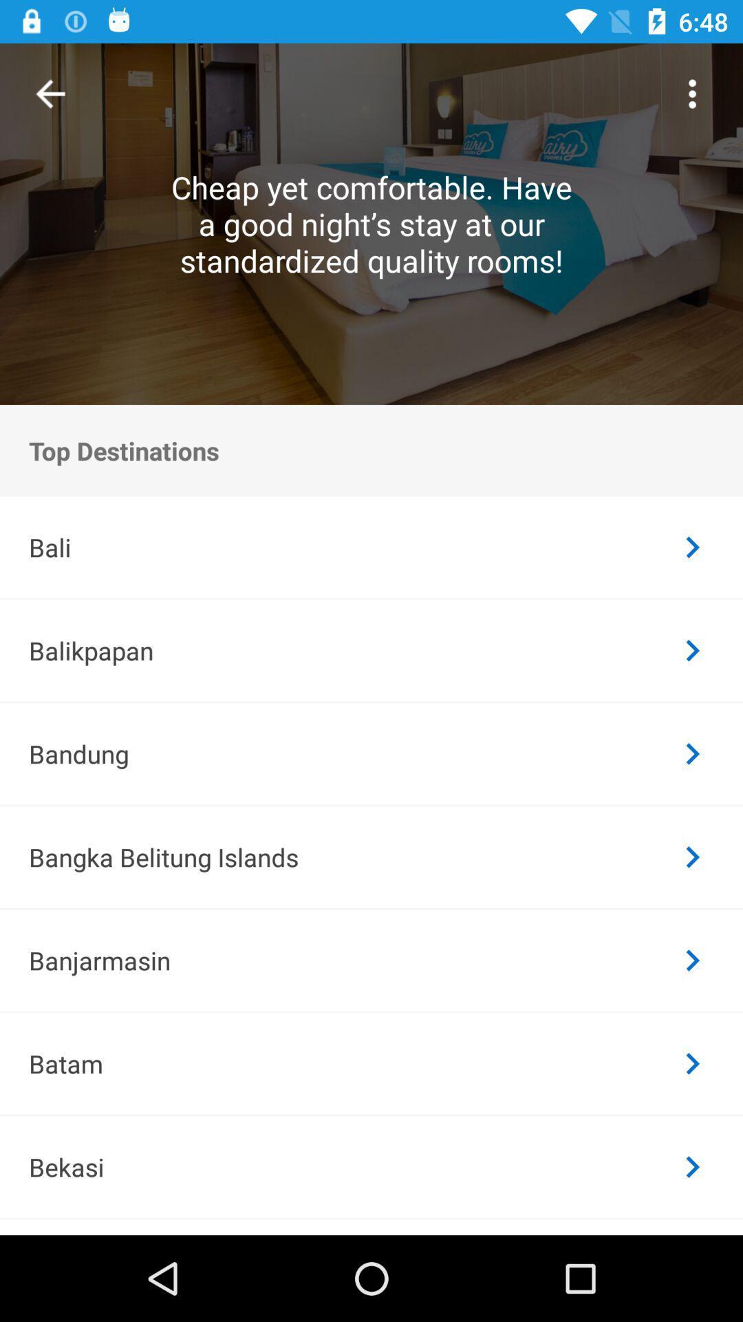  I want to click on menu, so click(692, 93).